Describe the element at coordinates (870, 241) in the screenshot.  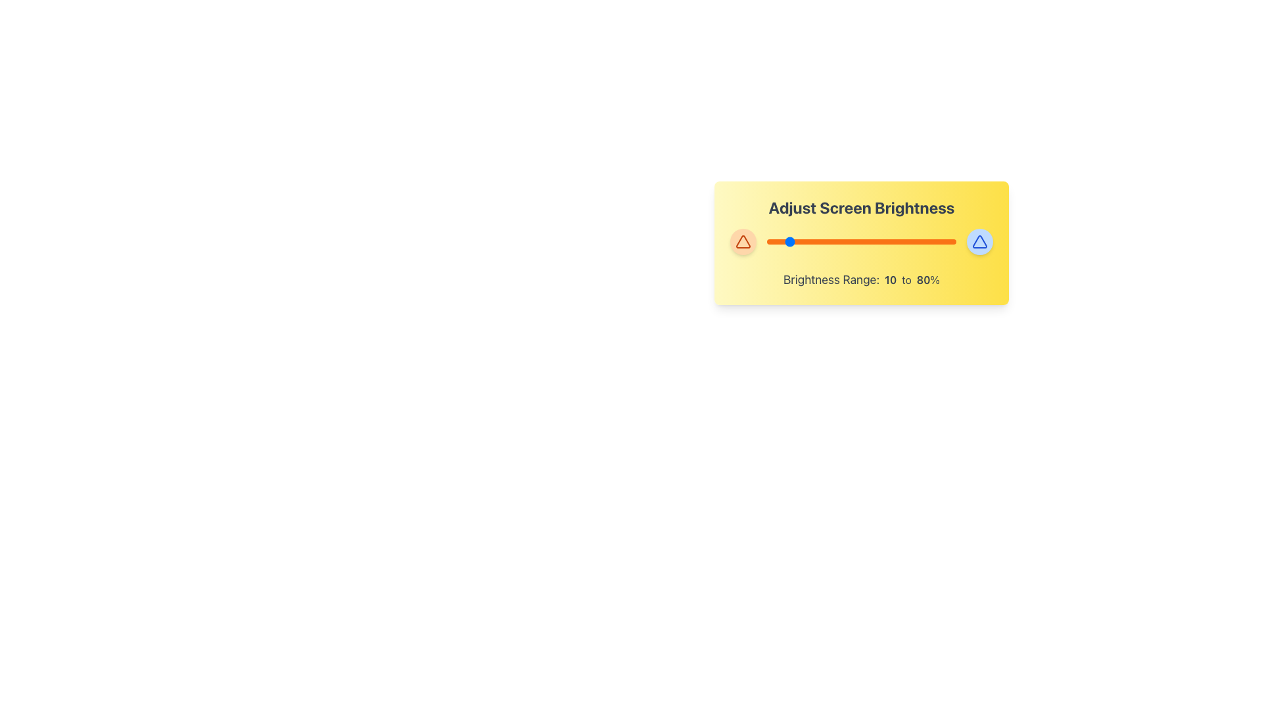
I see `the brightness level` at that location.